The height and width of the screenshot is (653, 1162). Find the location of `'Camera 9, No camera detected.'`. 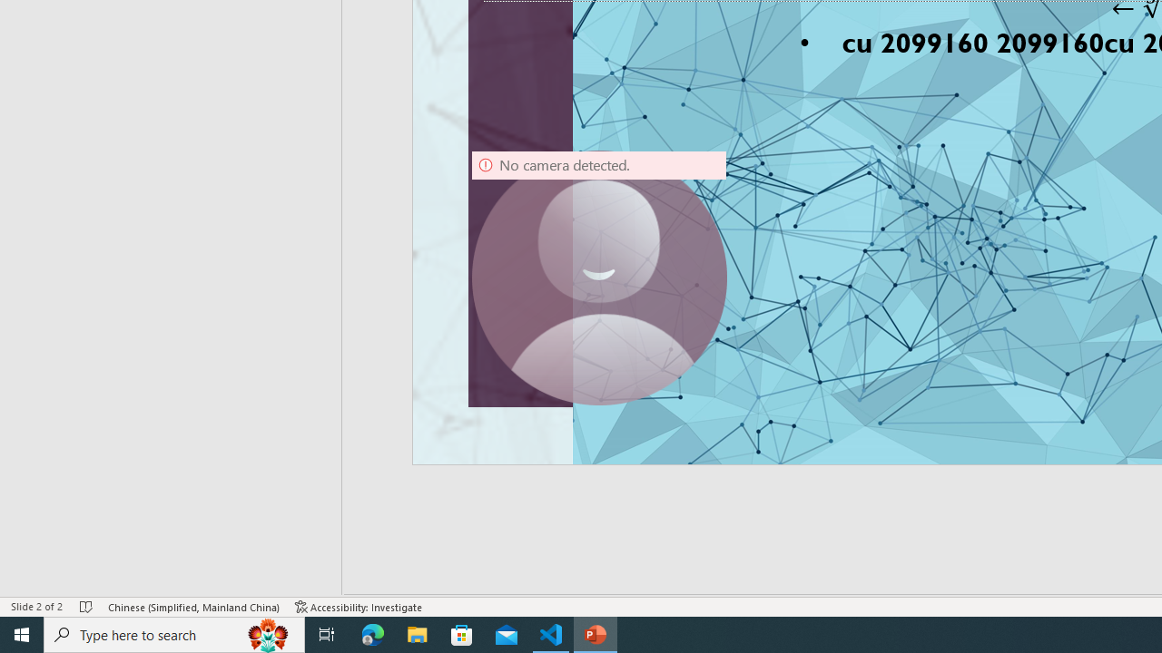

'Camera 9, No camera detected.' is located at coordinates (599, 278).